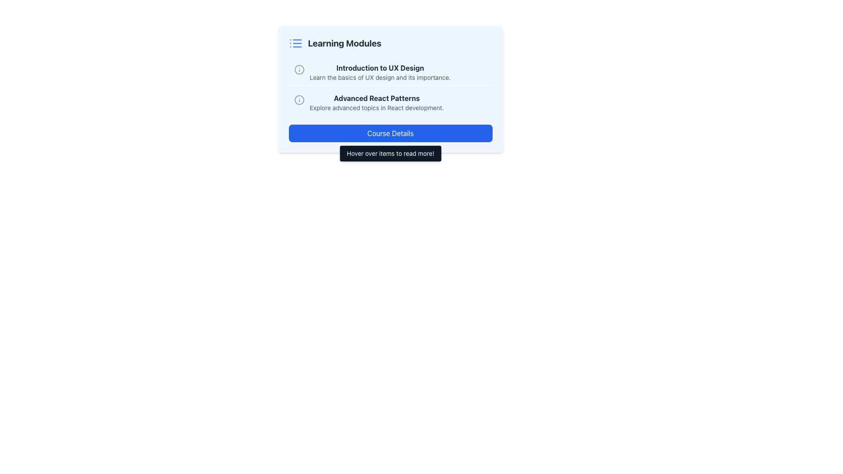 The width and height of the screenshot is (843, 474). I want to click on the Text block that serves as a title and description for the learning module, located on the right side of the interface, between 'Introduction to UX Design' and the 'Course Details' button, so click(377, 102).